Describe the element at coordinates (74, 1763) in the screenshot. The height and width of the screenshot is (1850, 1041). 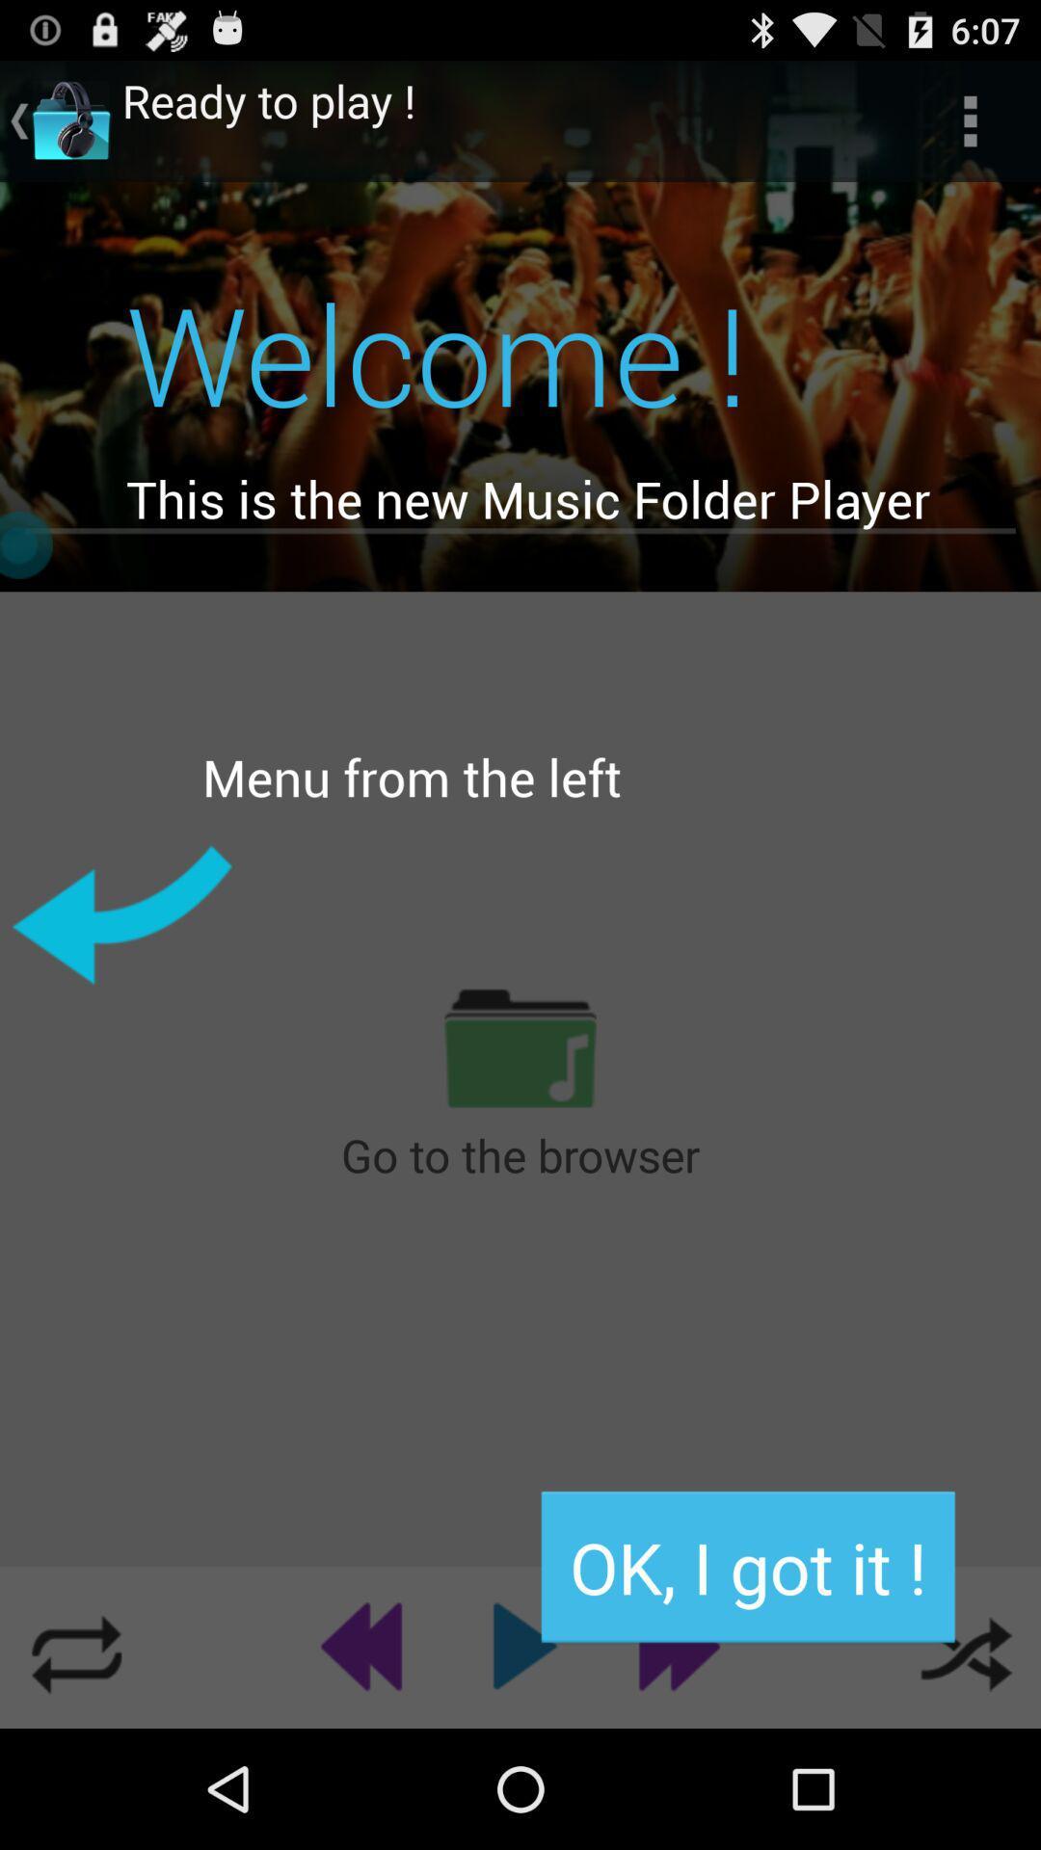
I see `the repeat icon` at that location.